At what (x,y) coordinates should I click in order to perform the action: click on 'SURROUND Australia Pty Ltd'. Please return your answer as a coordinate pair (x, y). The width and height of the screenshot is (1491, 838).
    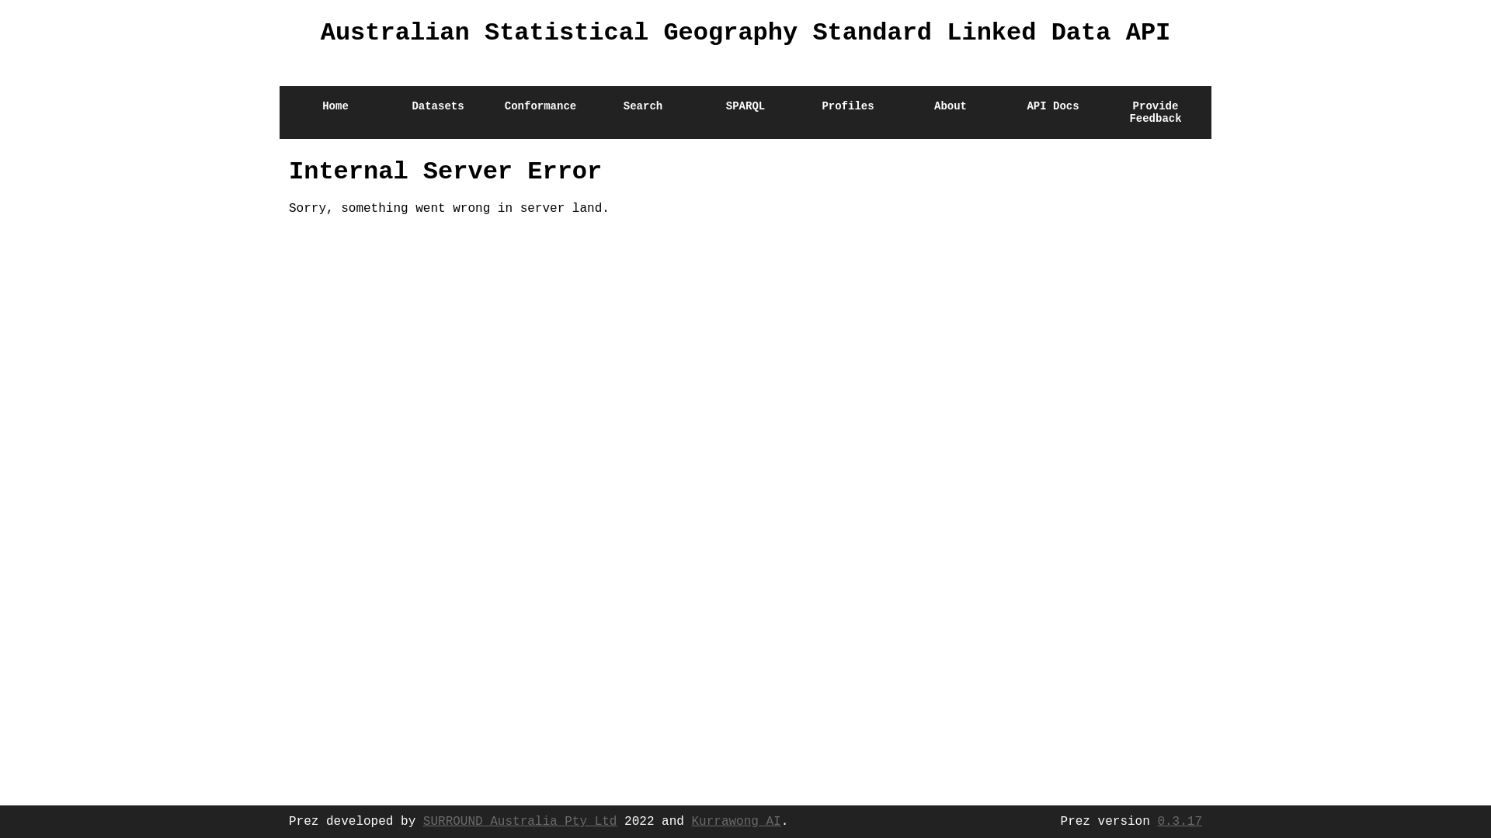
    Looking at the image, I should click on (520, 821).